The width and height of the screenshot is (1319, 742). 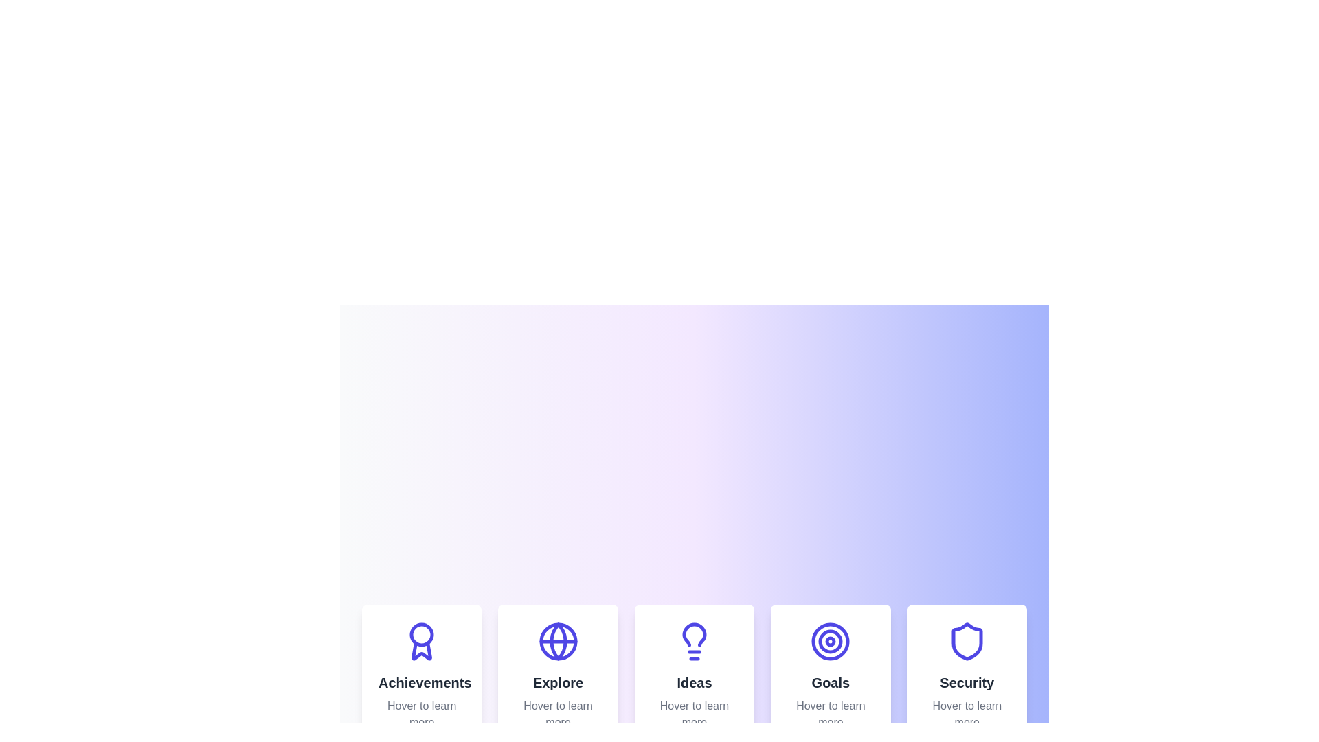 What do you see at coordinates (695, 635) in the screenshot?
I see `the uppermost section of the lightbulb icon within the 'Ideas' card, which is part of an SVG illustration, located at the center of the card's upper half` at bounding box center [695, 635].